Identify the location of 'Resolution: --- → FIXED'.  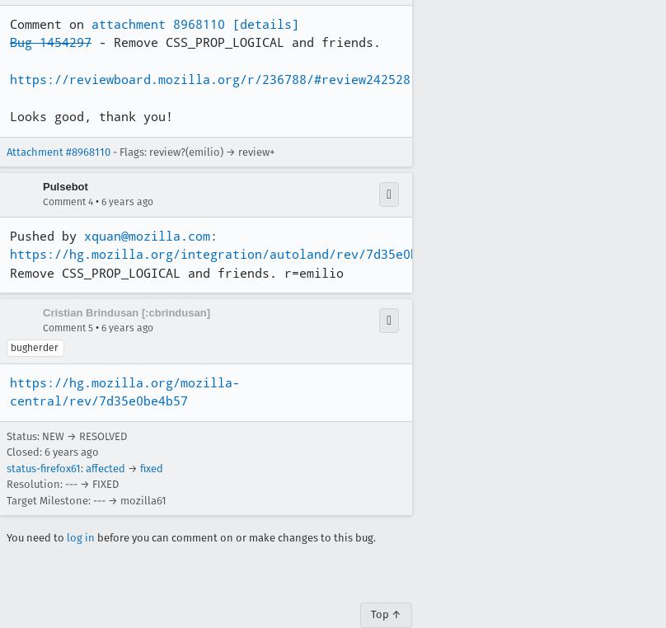
(63, 484).